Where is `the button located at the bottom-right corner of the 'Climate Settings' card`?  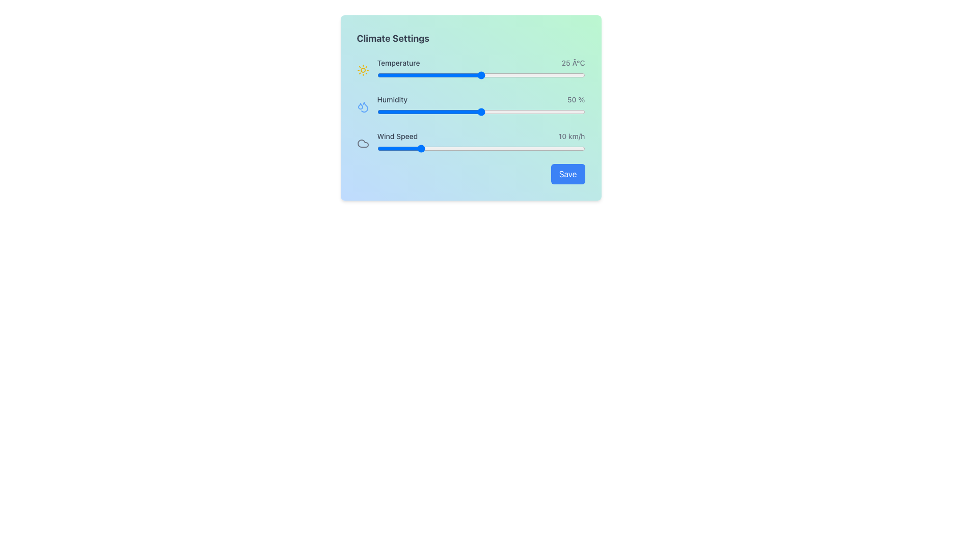 the button located at the bottom-right corner of the 'Climate Settings' card is located at coordinates (567, 174).